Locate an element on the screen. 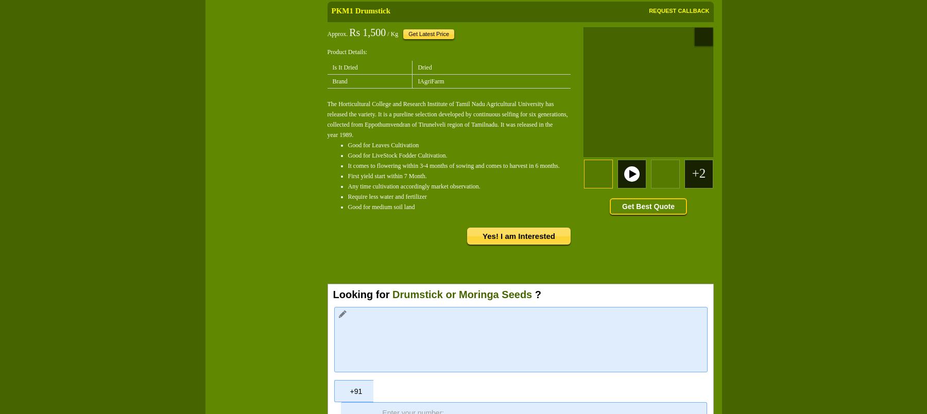  'Require less water and fertilizer' is located at coordinates (386, 196).